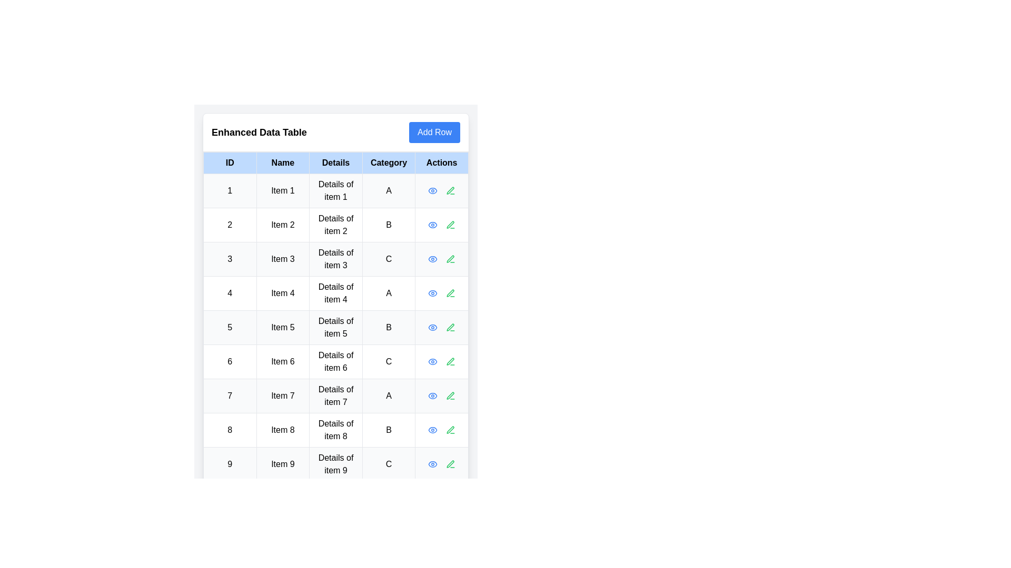 The height and width of the screenshot is (568, 1011). I want to click on the static text label representing additional details for Item 2 located in the 'Details' column of the second row in the table, so click(335, 225).